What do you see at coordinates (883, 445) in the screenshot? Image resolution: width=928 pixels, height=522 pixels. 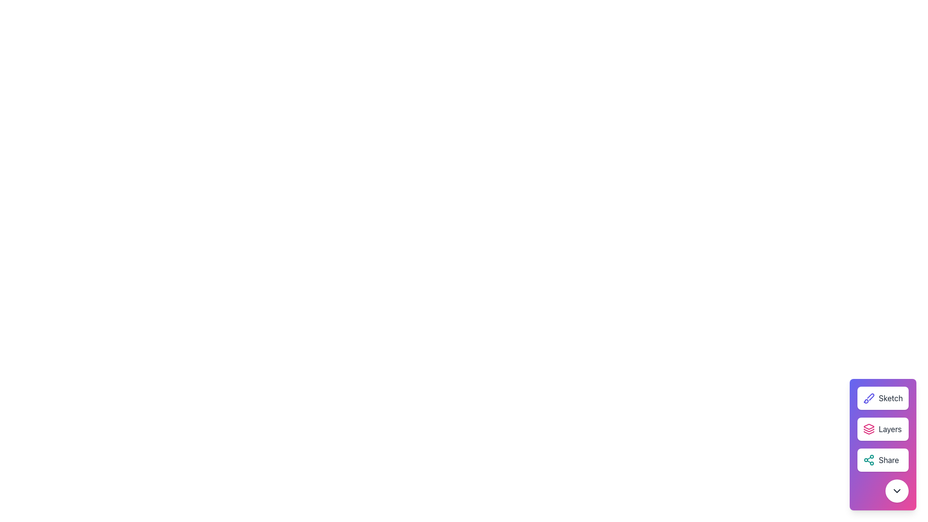 I see `the composite UI component in the bottom-right corner of the display` at bounding box center [883, 445].